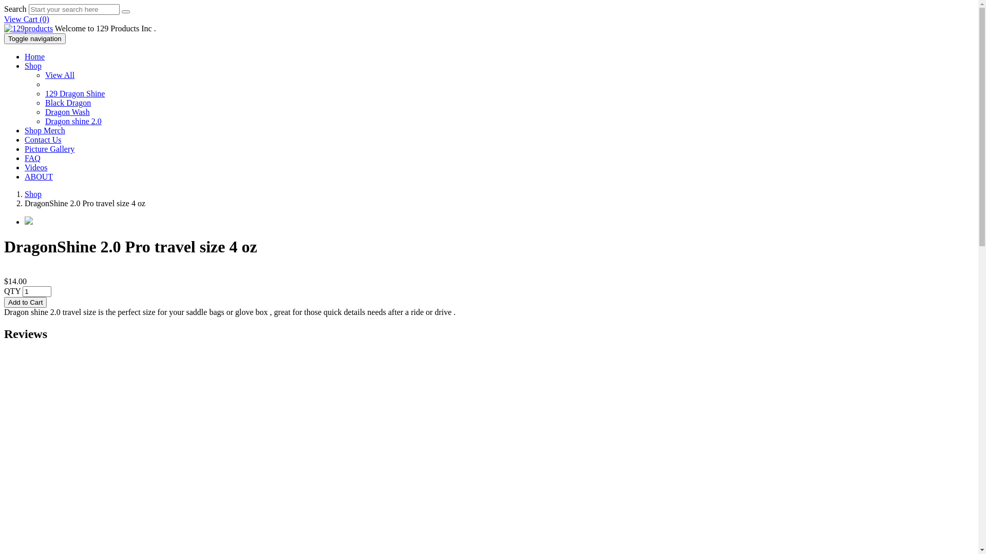 This screenshot has width=986, height=554. Describe the element at coordinates (74, 93) in the screenshot. I see `'129 Dragon Shine'` at that location.